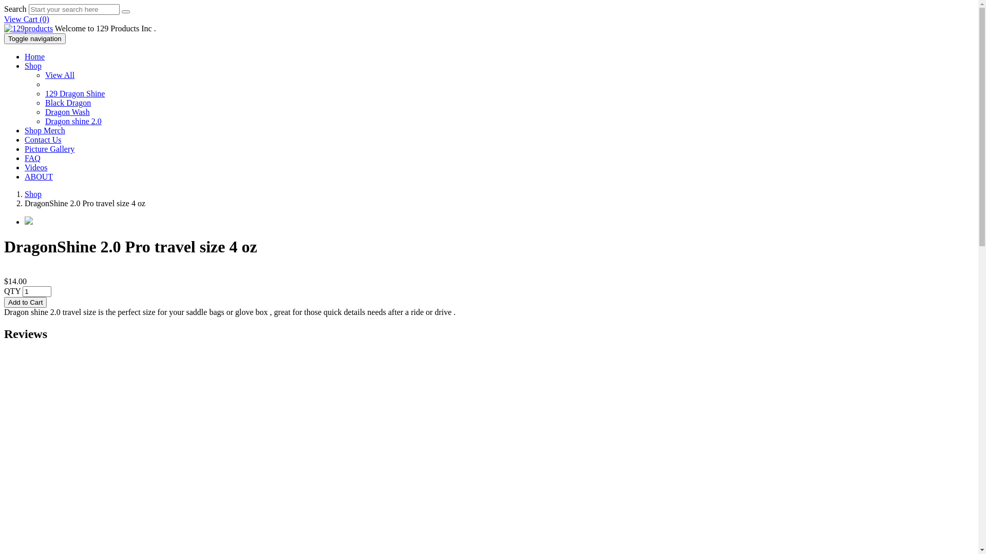 This screenshot has width=986, height=554. Describe the element at coordinates (74, 93) in the screenshot. I see `'129 Dragon Shine'` at that location.